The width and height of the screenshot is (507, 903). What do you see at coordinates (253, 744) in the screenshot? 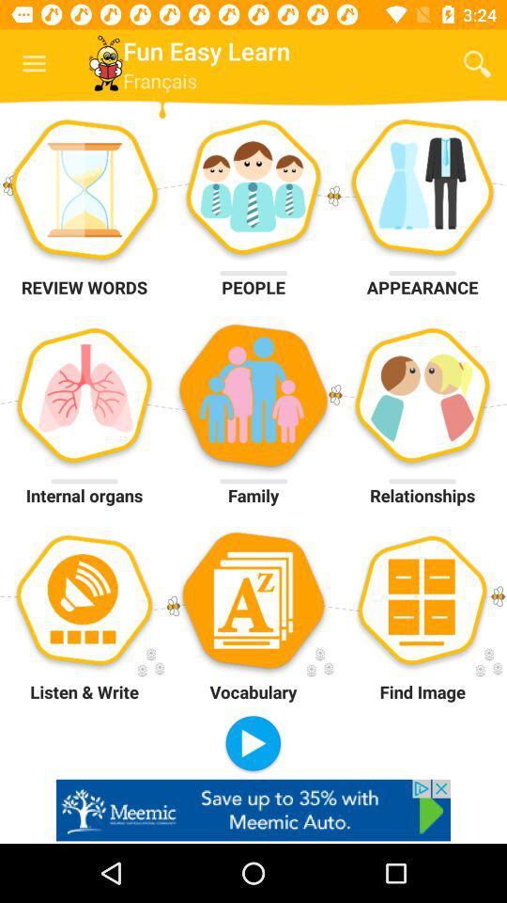
I see `play` at bounding box center [253, 744].